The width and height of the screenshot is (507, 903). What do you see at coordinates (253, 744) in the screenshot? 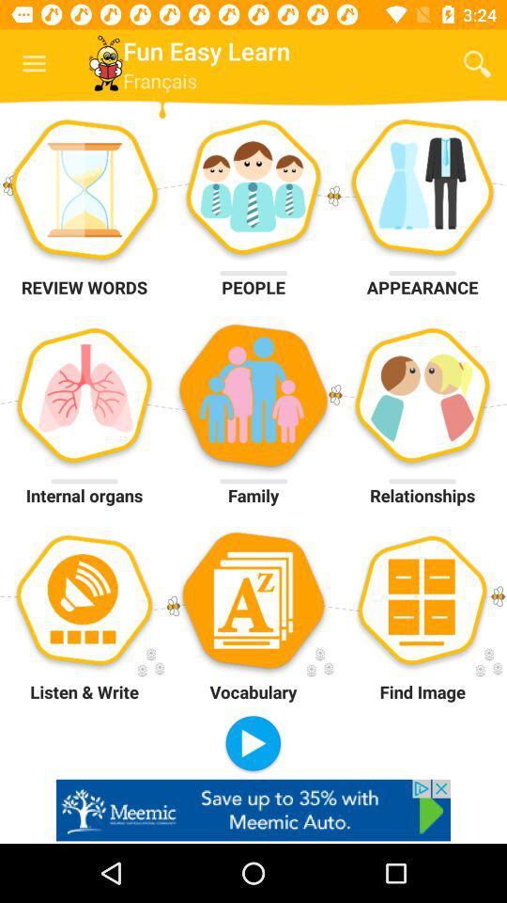
I see `play` at bounding box center [253, 744].